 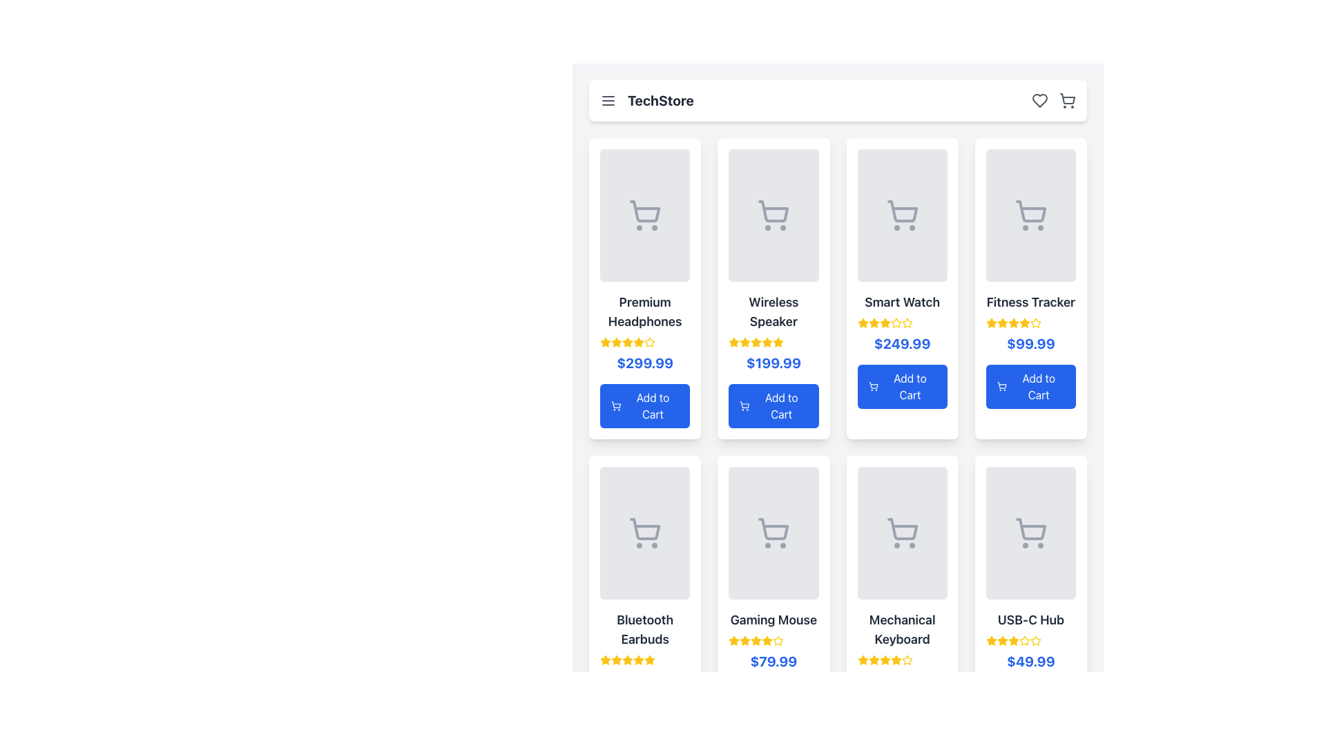 I want to click on the third star icon in the rating component for the product titled 'Smart Watch', located in the second row, third column of the product grid, so click(x=907, y=323).